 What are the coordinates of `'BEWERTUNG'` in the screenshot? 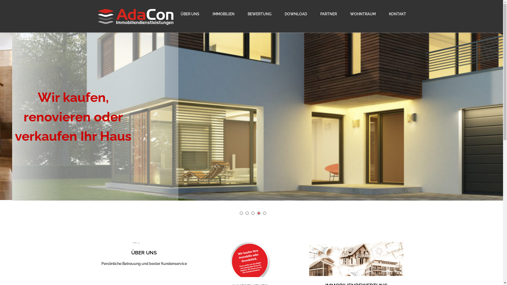 It's located at (259, 14).